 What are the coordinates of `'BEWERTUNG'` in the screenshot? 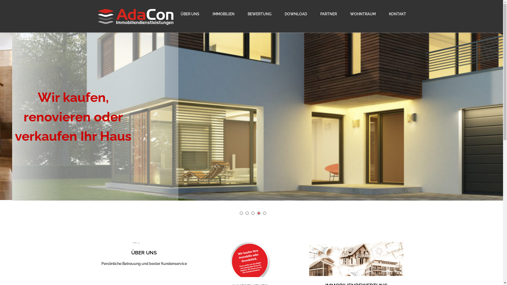 It's located at (259, 14).